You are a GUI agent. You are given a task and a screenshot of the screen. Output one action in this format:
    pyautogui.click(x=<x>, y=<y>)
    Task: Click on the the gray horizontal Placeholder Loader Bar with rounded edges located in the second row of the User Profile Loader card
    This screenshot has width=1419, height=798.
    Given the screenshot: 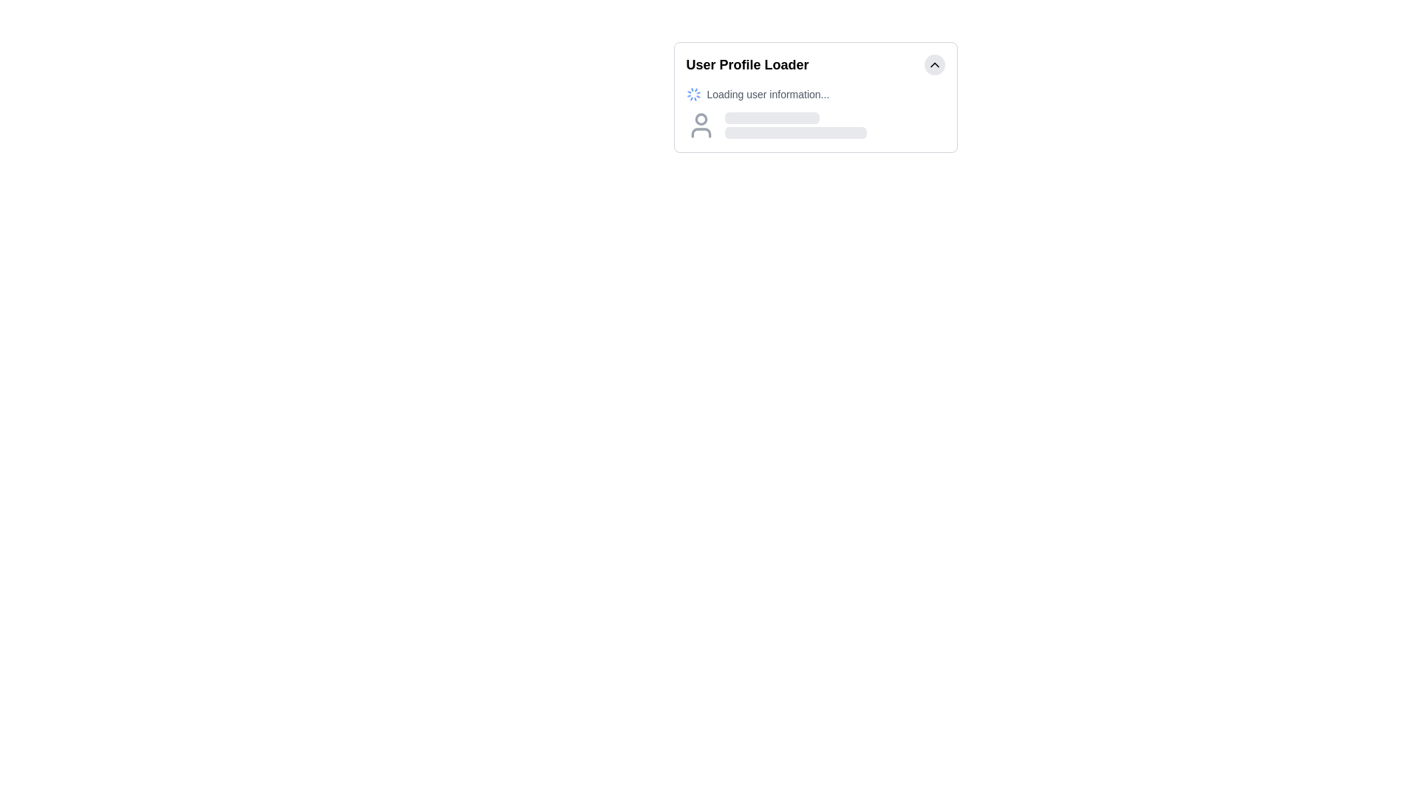 What is the action you would take?
    pyautogui.click(x=794, y=133)
    